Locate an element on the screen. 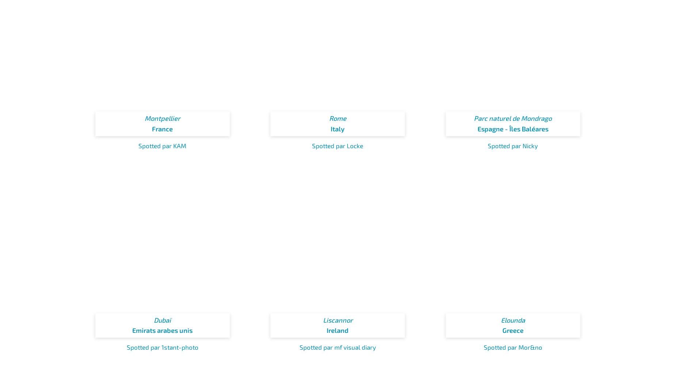  'Liscannor' is located at coordinates (337, 319).